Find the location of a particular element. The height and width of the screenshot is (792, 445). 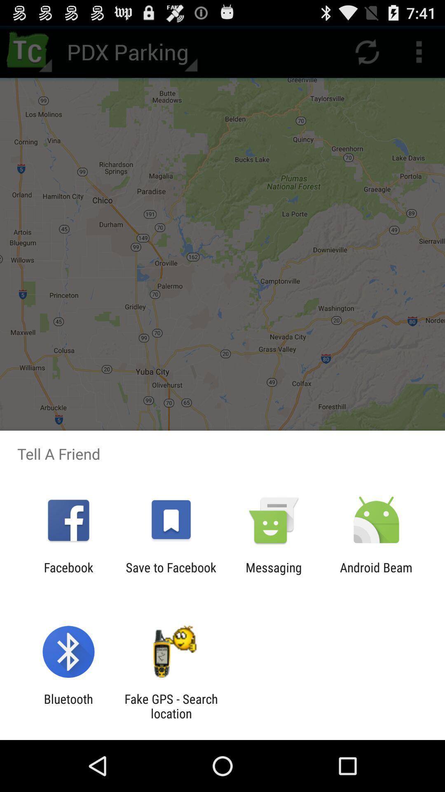

the android beam icon is located at coordinates (376, 574).